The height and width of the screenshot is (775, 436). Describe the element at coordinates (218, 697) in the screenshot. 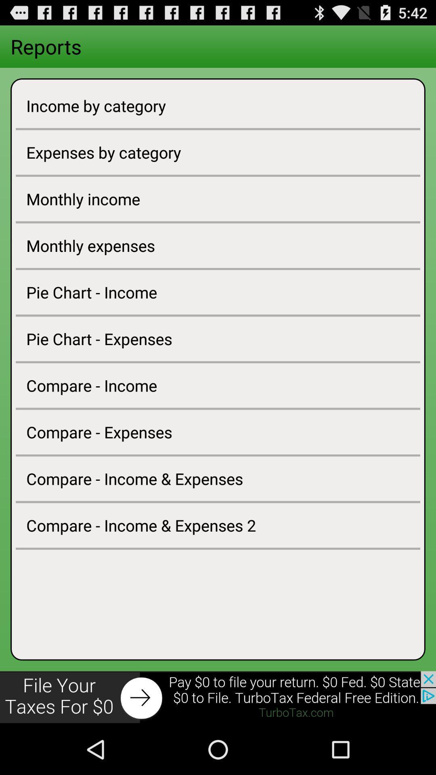

I see `click advertisement` at that location.